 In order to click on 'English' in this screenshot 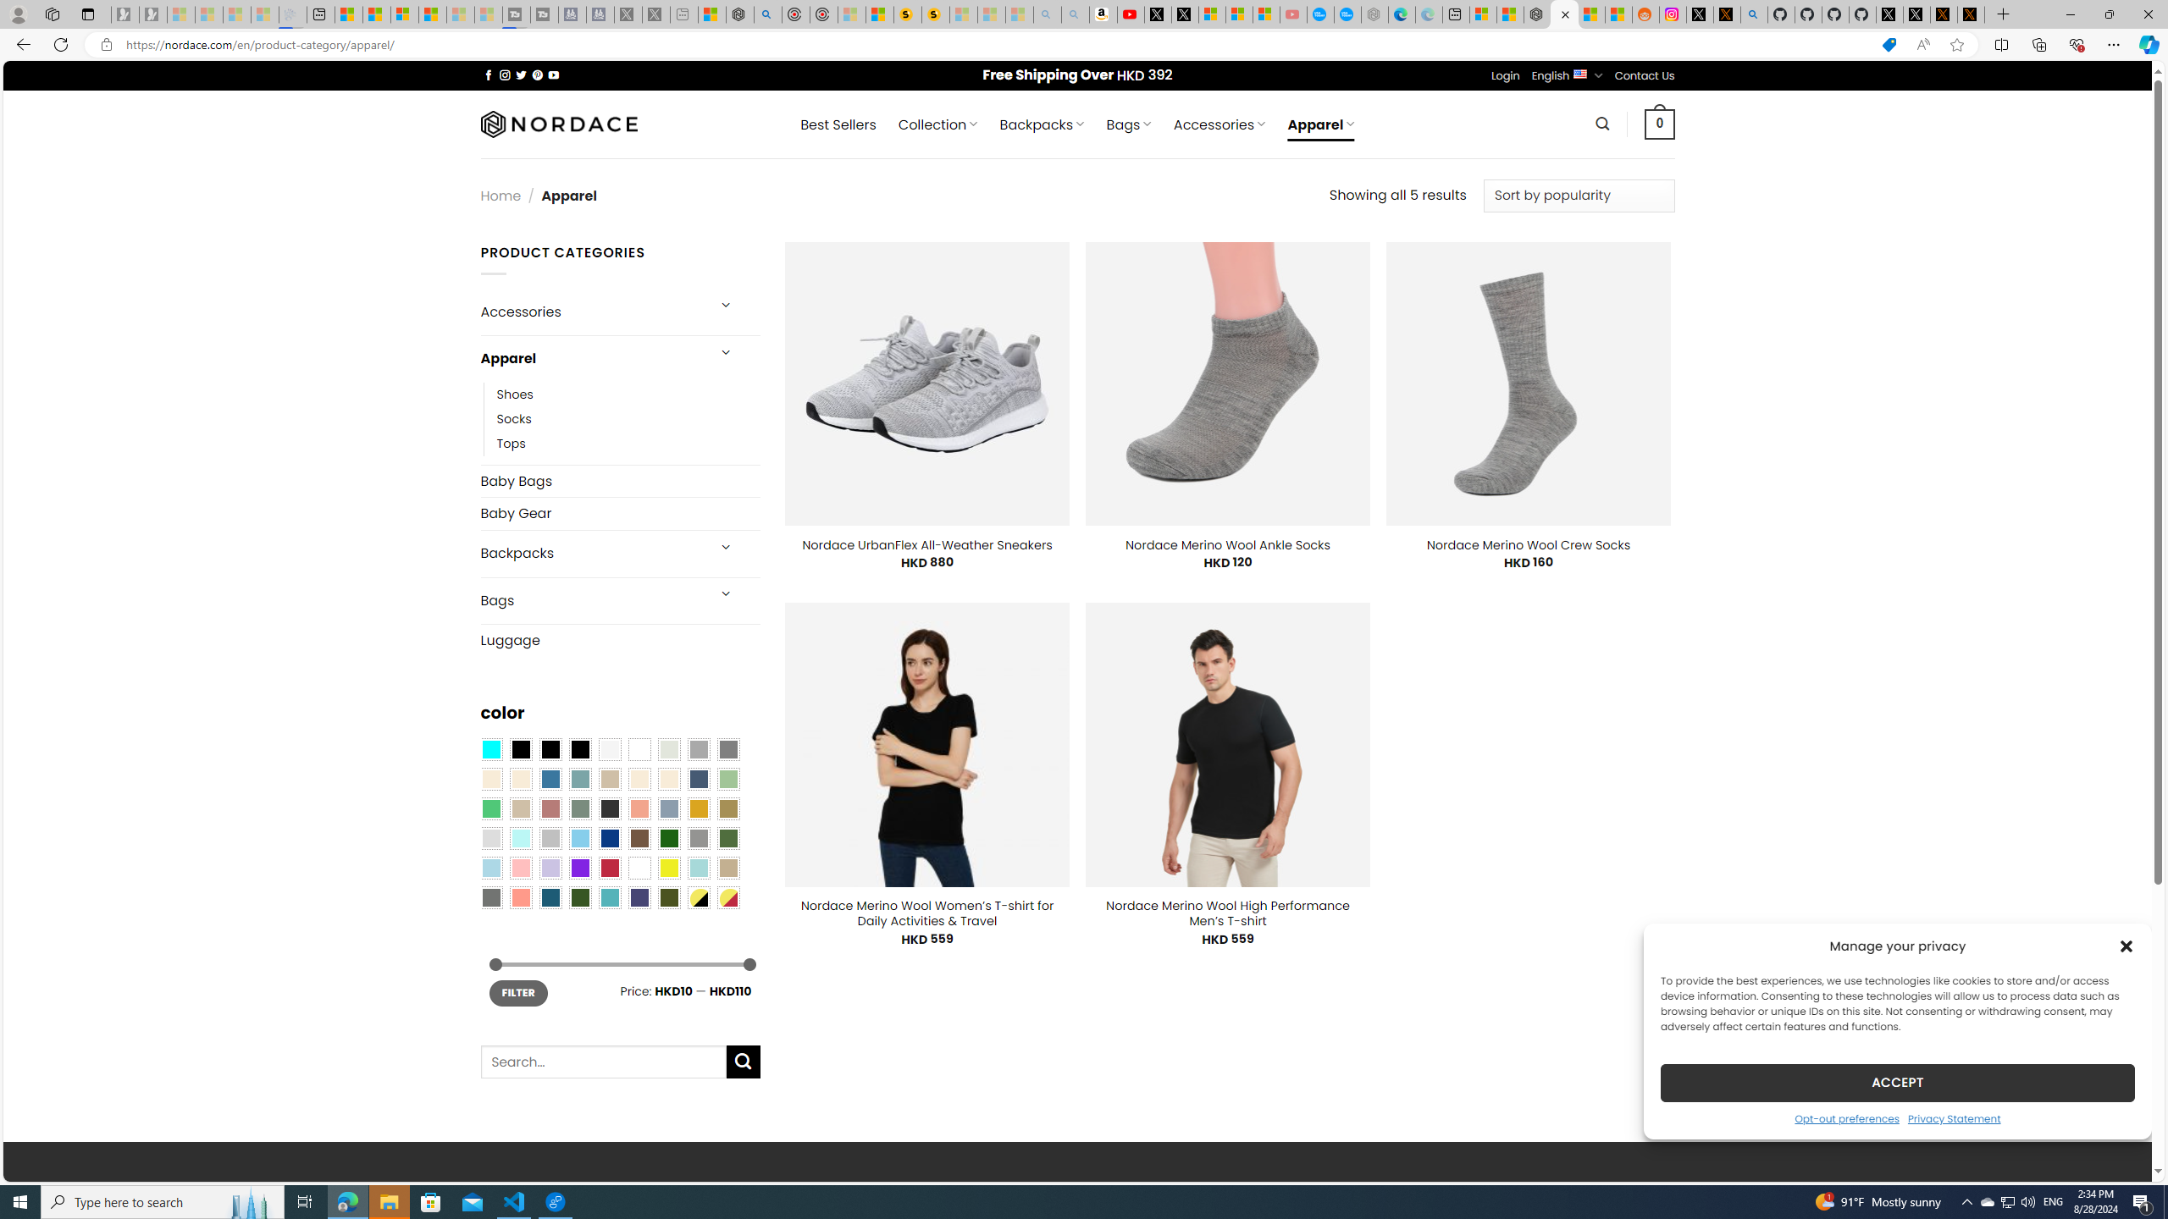, I will do `click(1580, 74)`.